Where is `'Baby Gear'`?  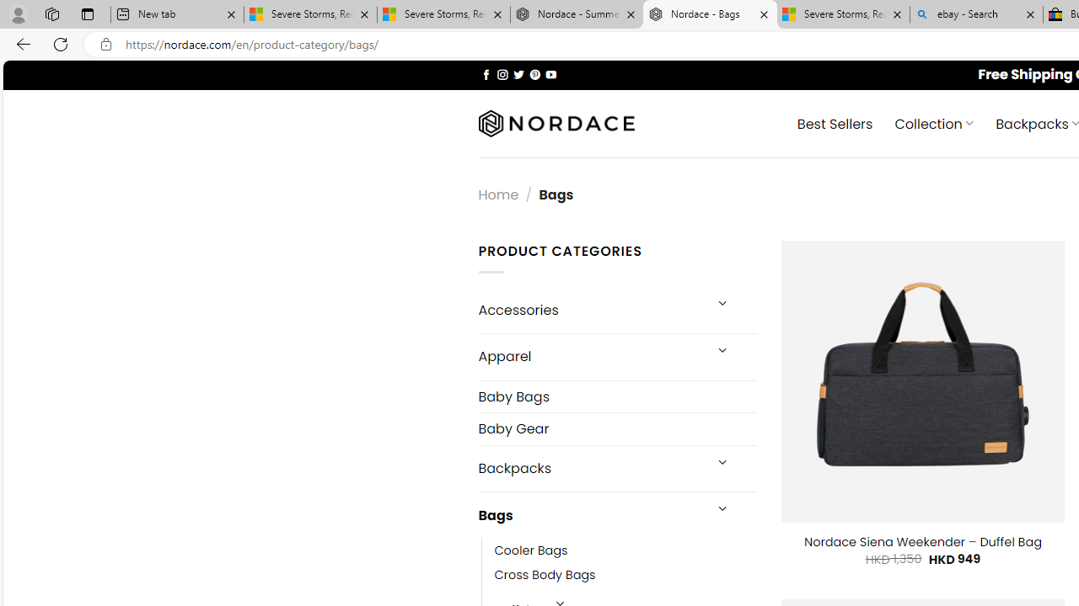 'Baby Gear' is located at coordinates (616, 428).